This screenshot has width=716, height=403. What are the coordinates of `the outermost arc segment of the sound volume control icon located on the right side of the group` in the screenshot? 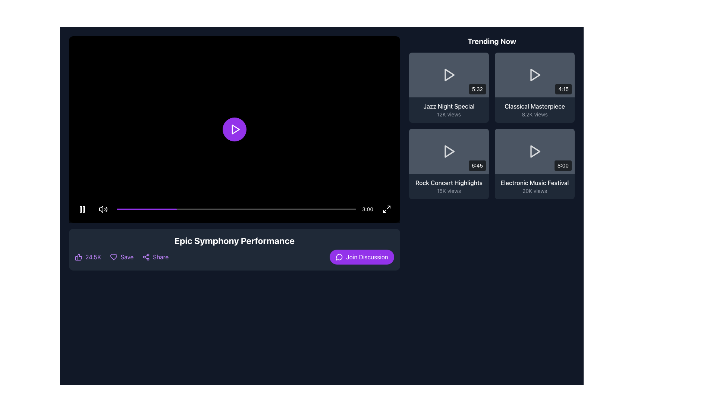 It's located at (106, 209).